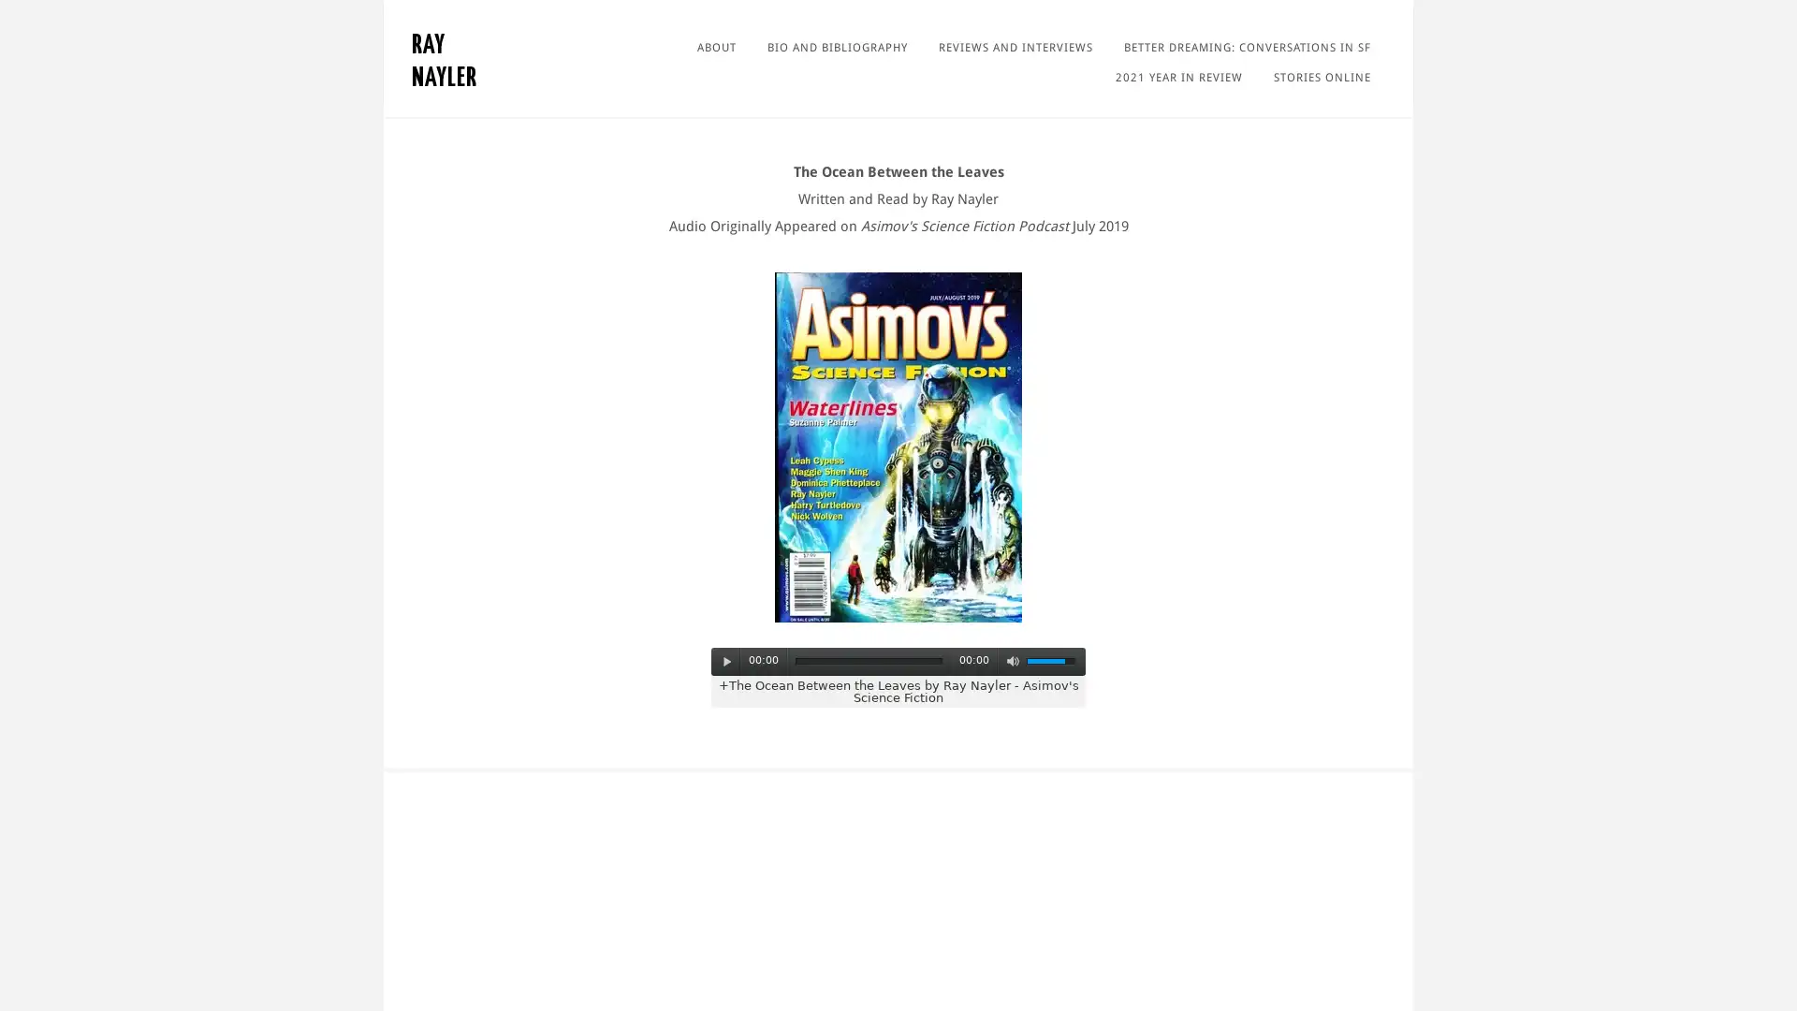 This screenshot has height=1011, width=1797. What do you see at coordinates (726, 660) in the screenshot?
I see `Play/Pause` at bounding box center [726, 660].